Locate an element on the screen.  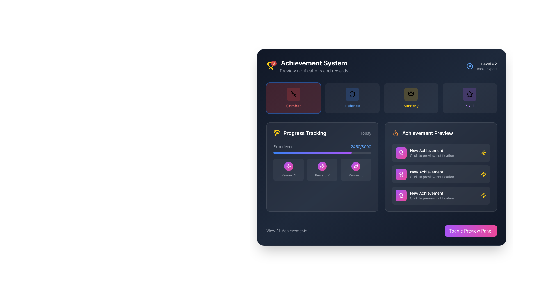
the visual indicator icon representing a new achievement in the 'New Achievement' notification, located on the right side of the notification block is located at coordinates (483, 153).